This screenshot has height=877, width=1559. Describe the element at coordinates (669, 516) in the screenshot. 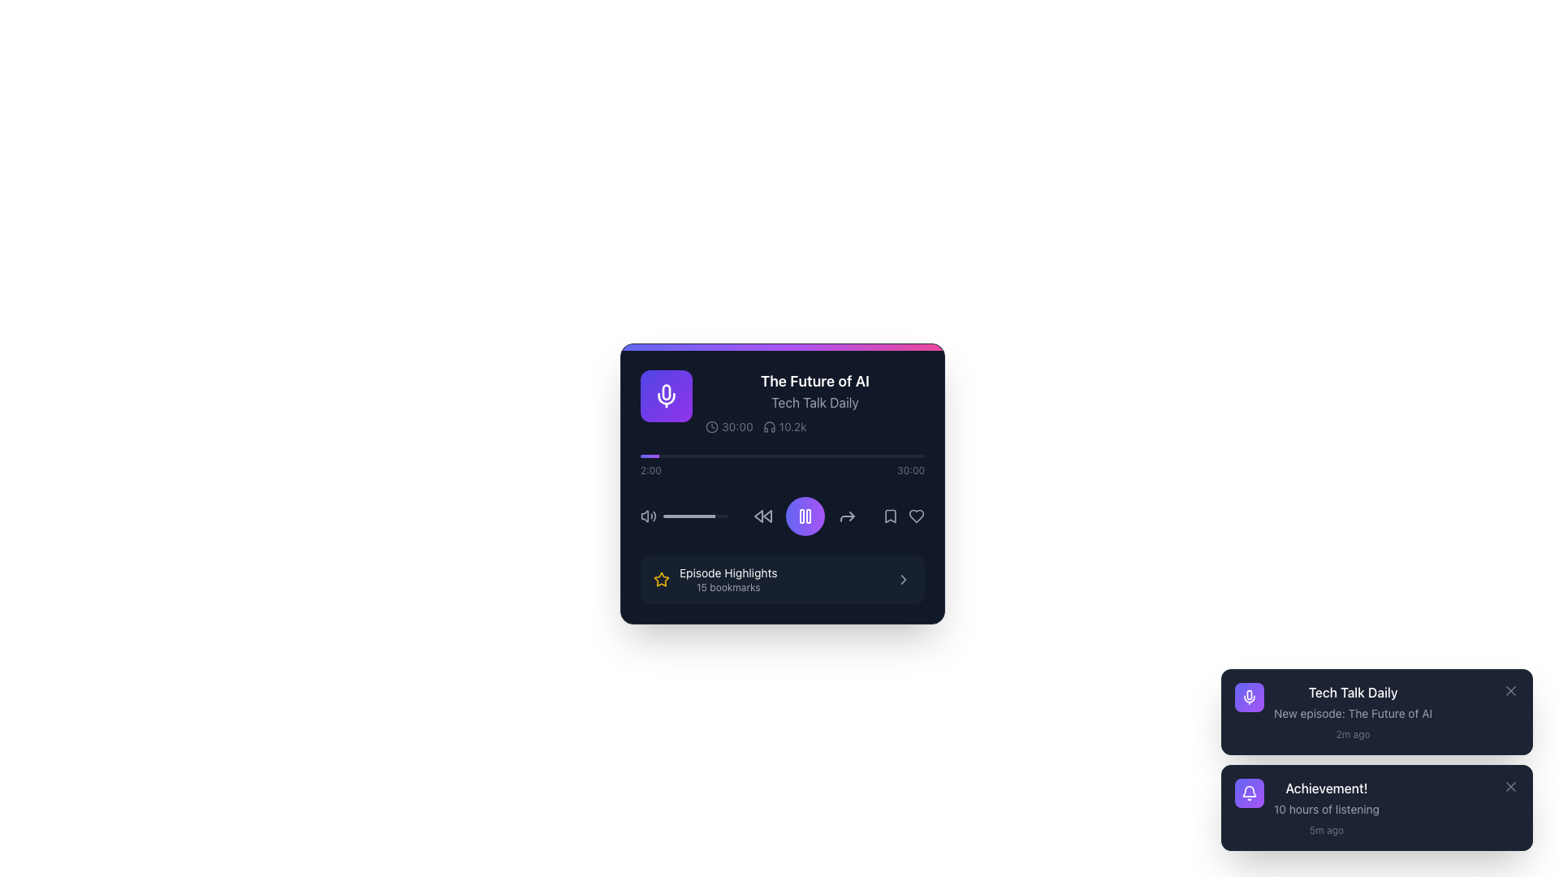

I see `the volume` at that location.